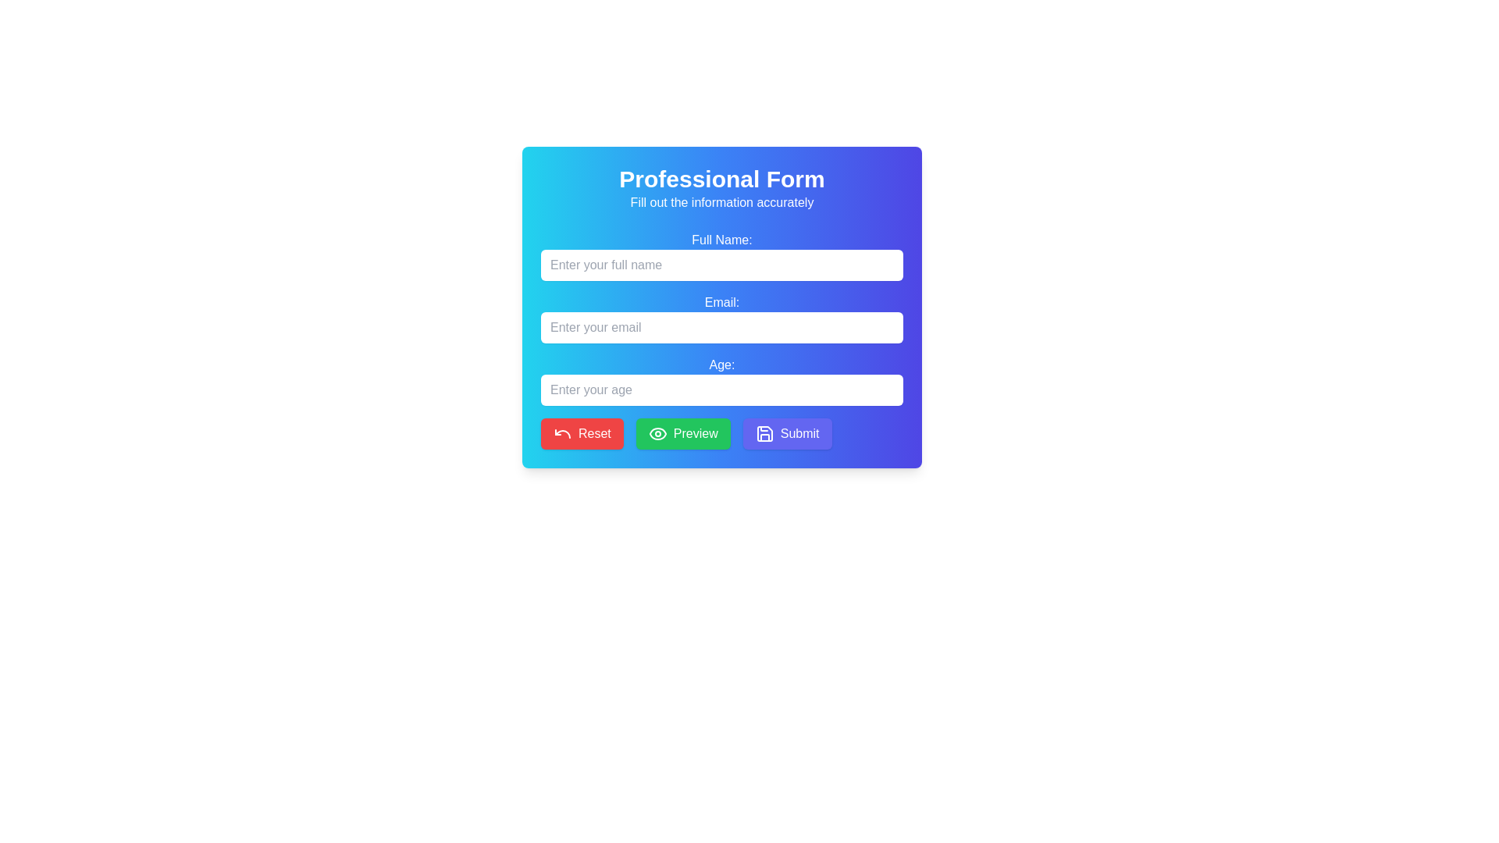 This screenshot has width=1499, height=843. I want to click on header text 'Professional Form' which is styled with large, bold white text at the top center of the colorful form interface, so click(721, 179).